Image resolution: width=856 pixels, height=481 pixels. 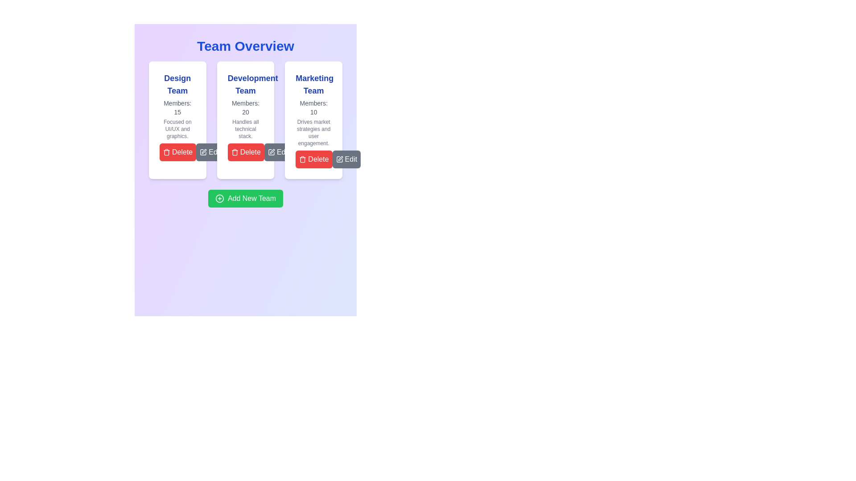 What do you see at coordinates (177, 152) in the screenshot?
I see `the 'Delete' button with a red background and white text, located in the 'Design Team' section` at bounding box center [177, 152].